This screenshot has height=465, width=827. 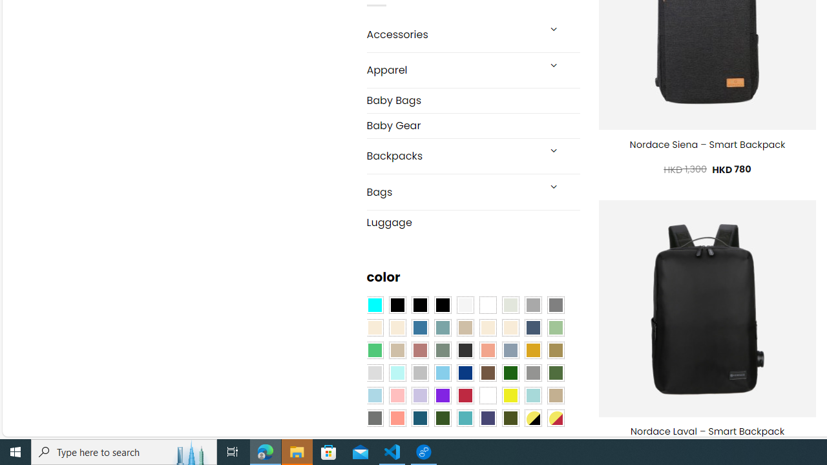 What do you see at coordinates (442, 327) in the screenshot?
I see `'Blue Sage'` at bounding box center [442, 327].